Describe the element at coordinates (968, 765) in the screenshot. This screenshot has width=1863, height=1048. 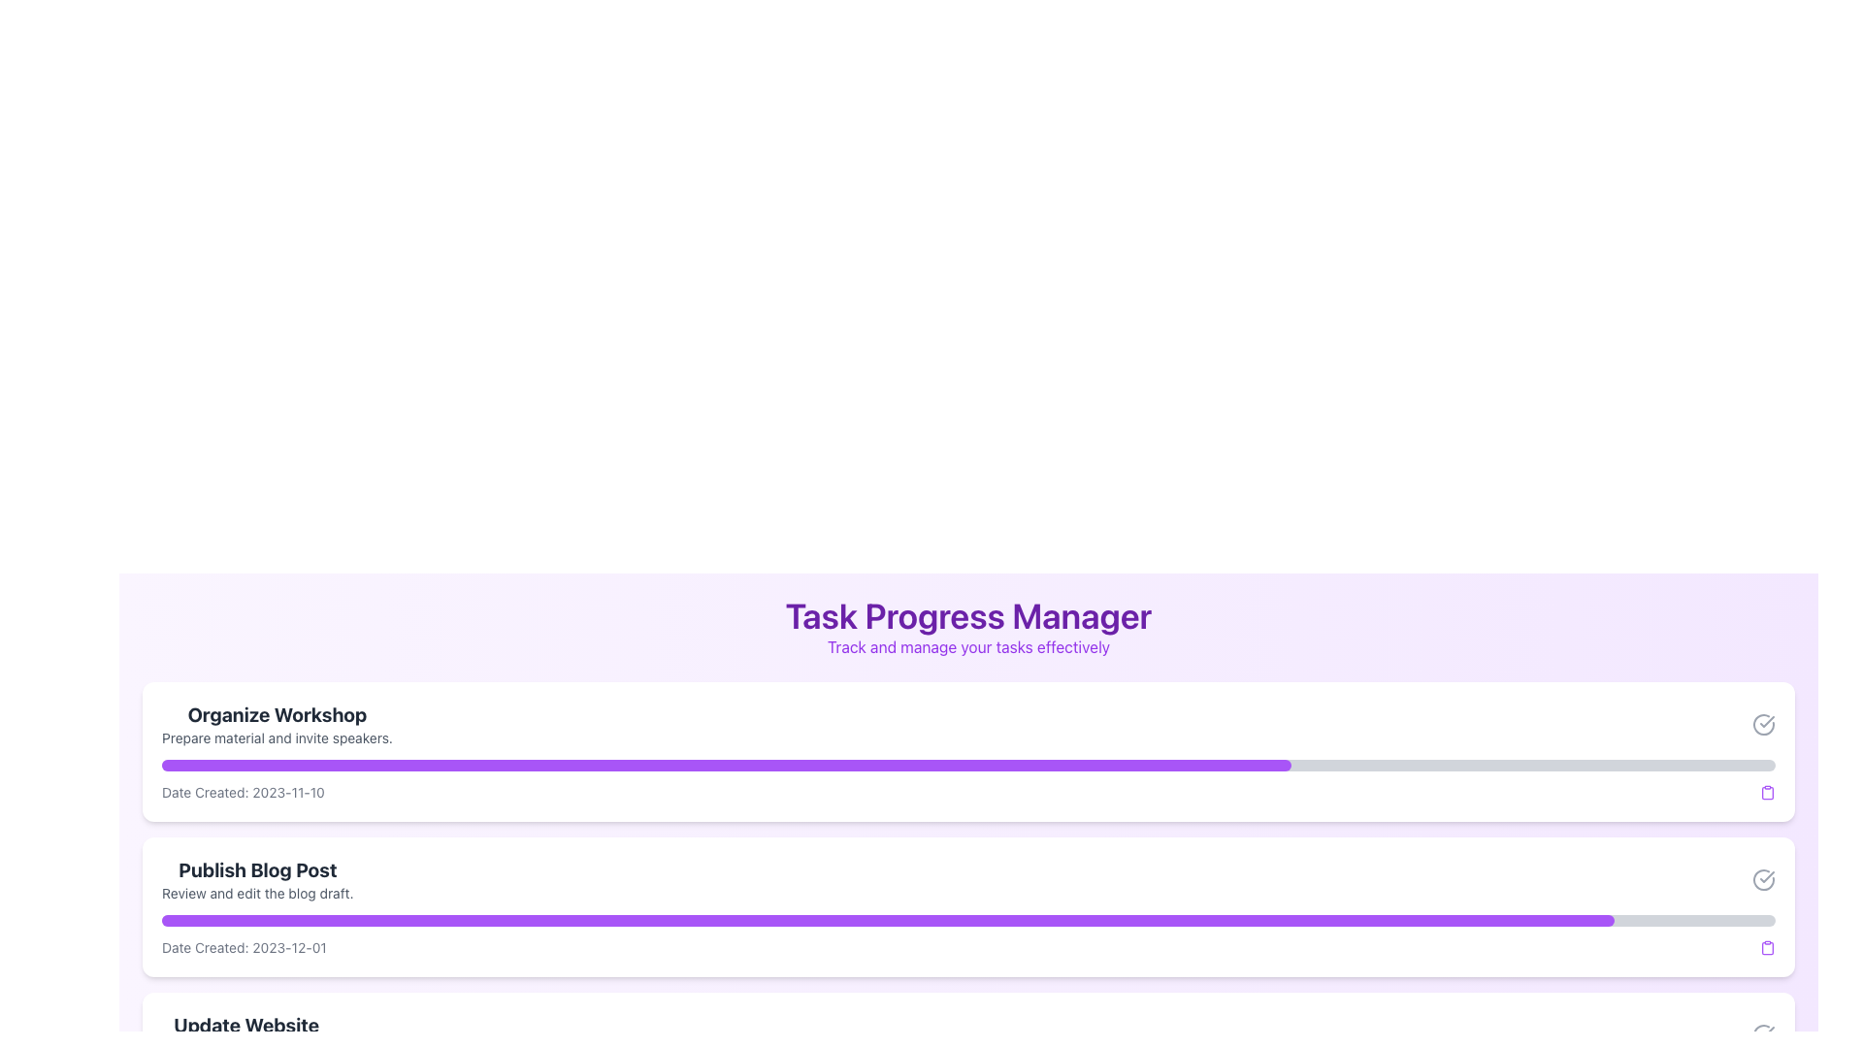
I see `the Progress Bar that visually represents the completion of the 'Organize Workshop' task, located beneath the task description and above the 'Date Created' text` at that location.